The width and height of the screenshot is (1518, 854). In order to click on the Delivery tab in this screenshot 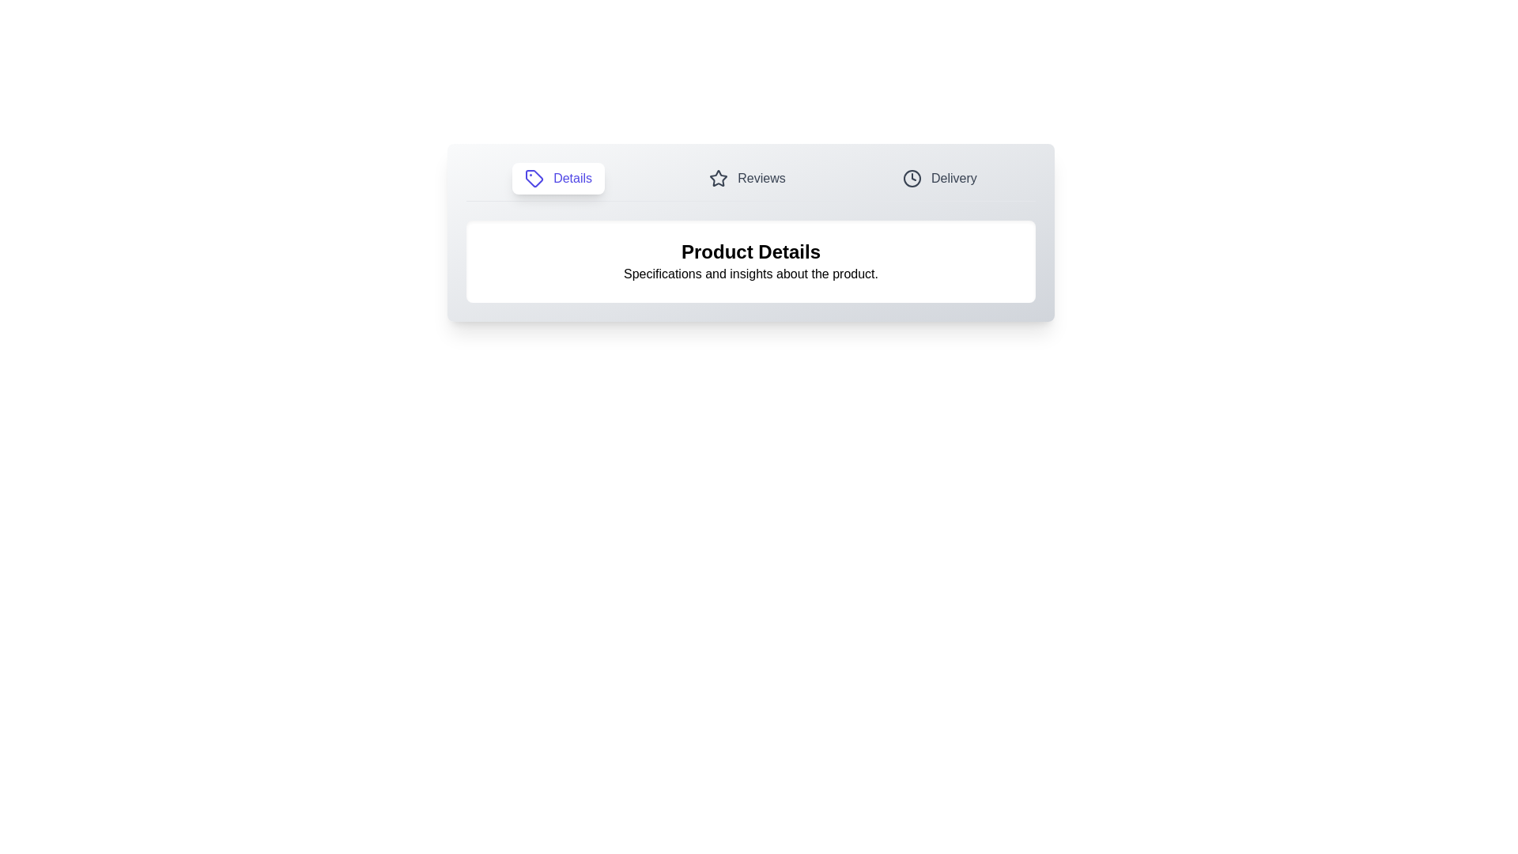, I will do `click(939, 178)`.